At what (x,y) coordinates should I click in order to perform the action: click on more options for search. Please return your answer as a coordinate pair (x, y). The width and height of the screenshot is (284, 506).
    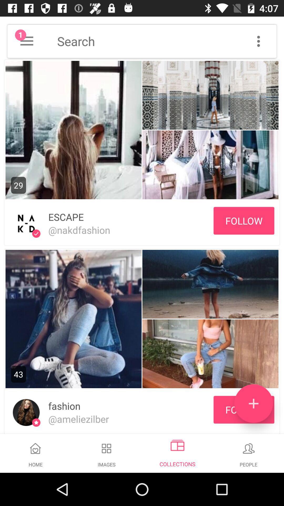
    Looking at the image, I should click on (258, 41).